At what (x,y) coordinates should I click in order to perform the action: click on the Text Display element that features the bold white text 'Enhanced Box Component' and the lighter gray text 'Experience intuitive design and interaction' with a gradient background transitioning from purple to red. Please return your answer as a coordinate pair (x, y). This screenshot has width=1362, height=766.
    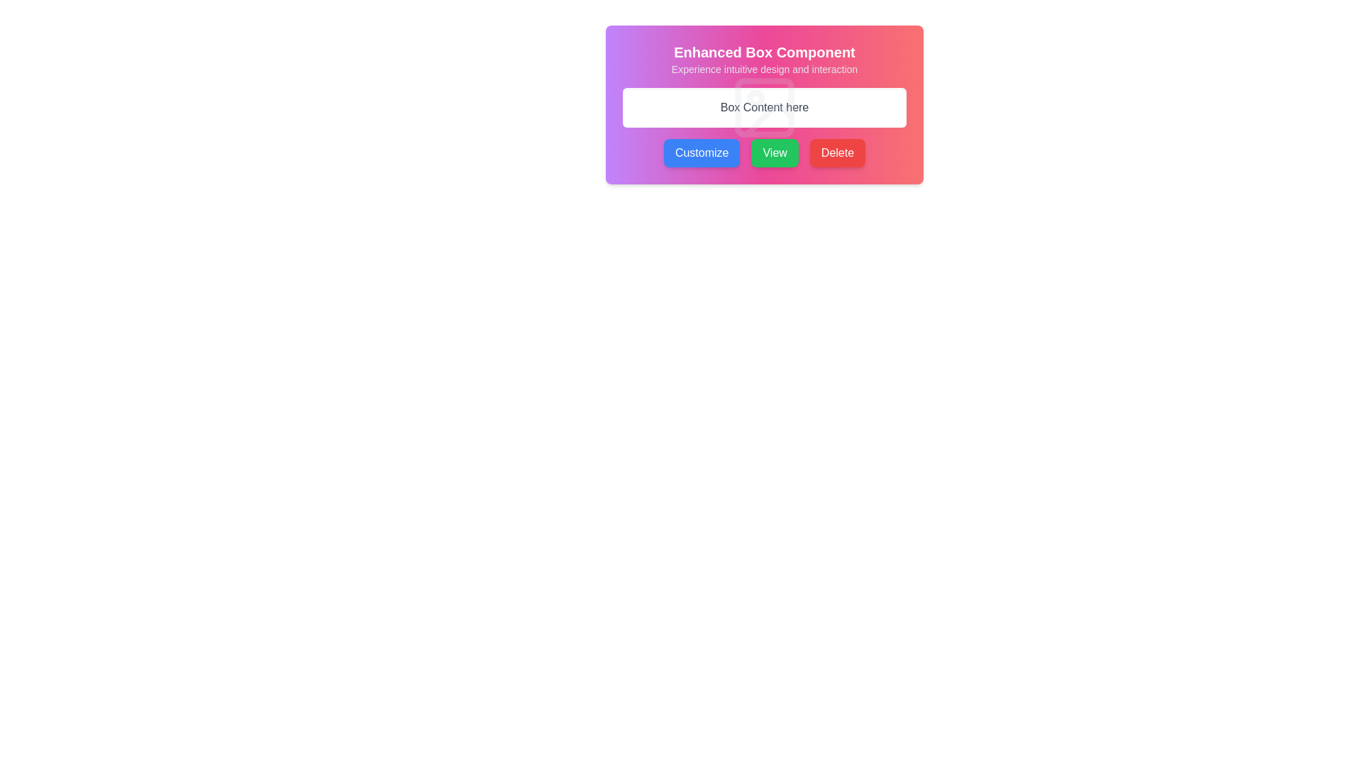
    Looking at the image, I should click on (764, 59).